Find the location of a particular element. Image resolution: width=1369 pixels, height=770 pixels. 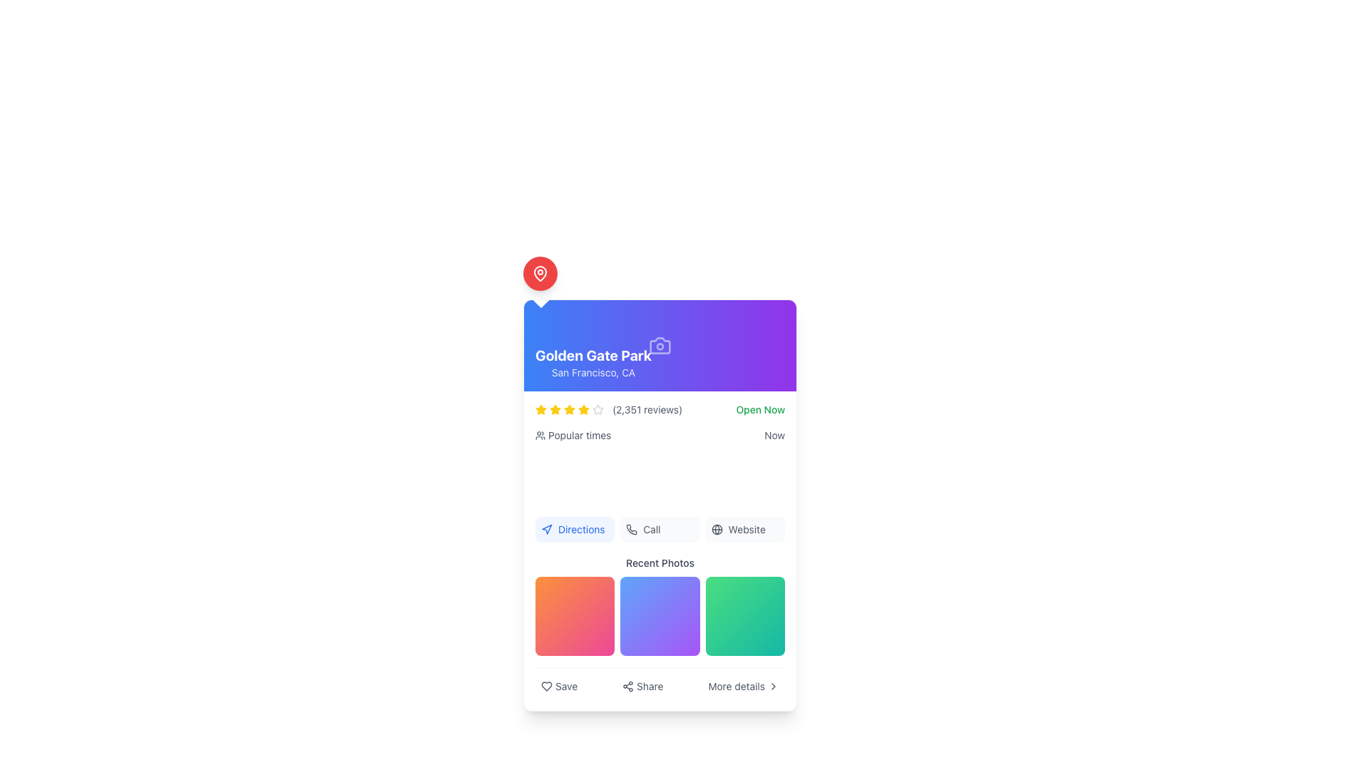

the fifth hollow star icon in the rating system, which is located to the right of the yellow-filled stars and above the reviews text is located at coordinates (598, 409).